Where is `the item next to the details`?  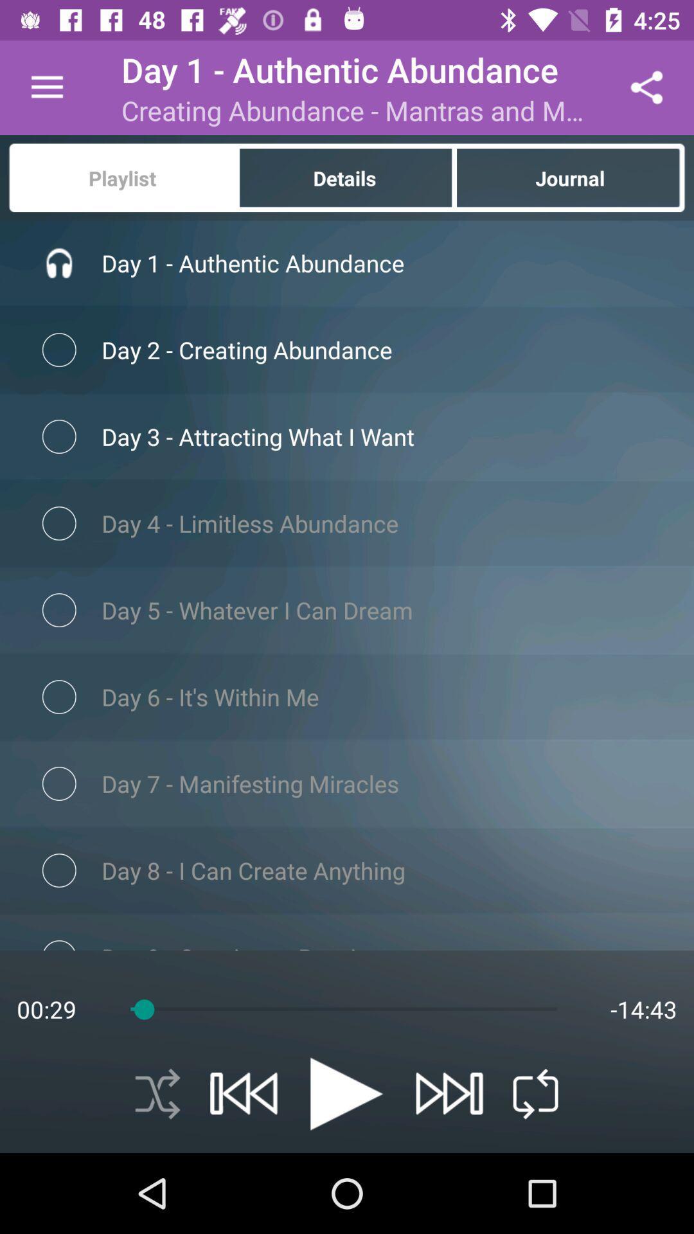 the item next to the details is located at coordinates (121, 177).